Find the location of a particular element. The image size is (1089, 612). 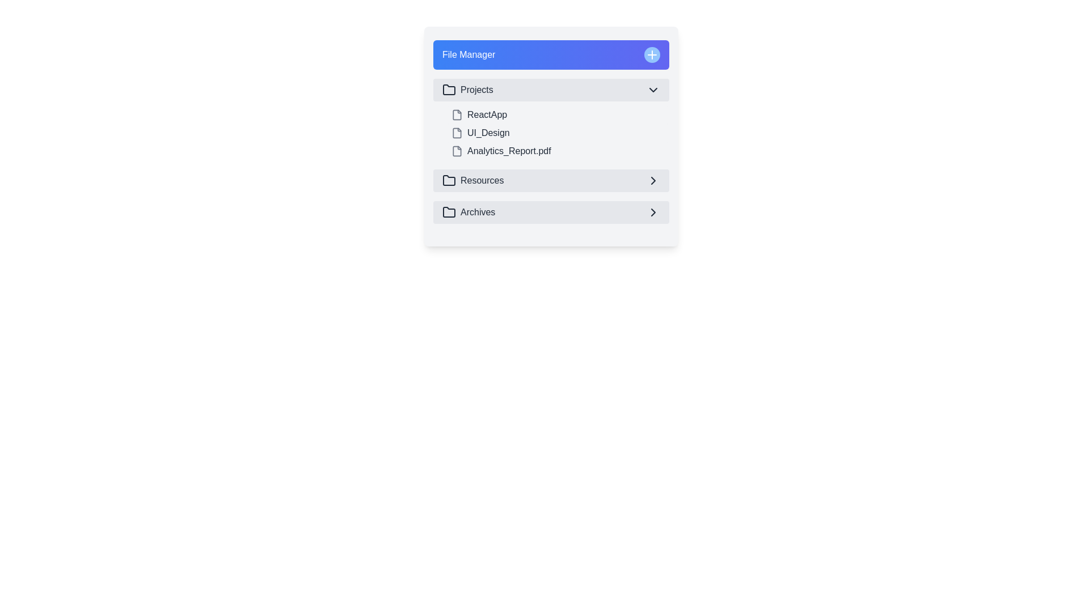

the folder icon representing the 'Resources' label is located at coordinates (449, 180).